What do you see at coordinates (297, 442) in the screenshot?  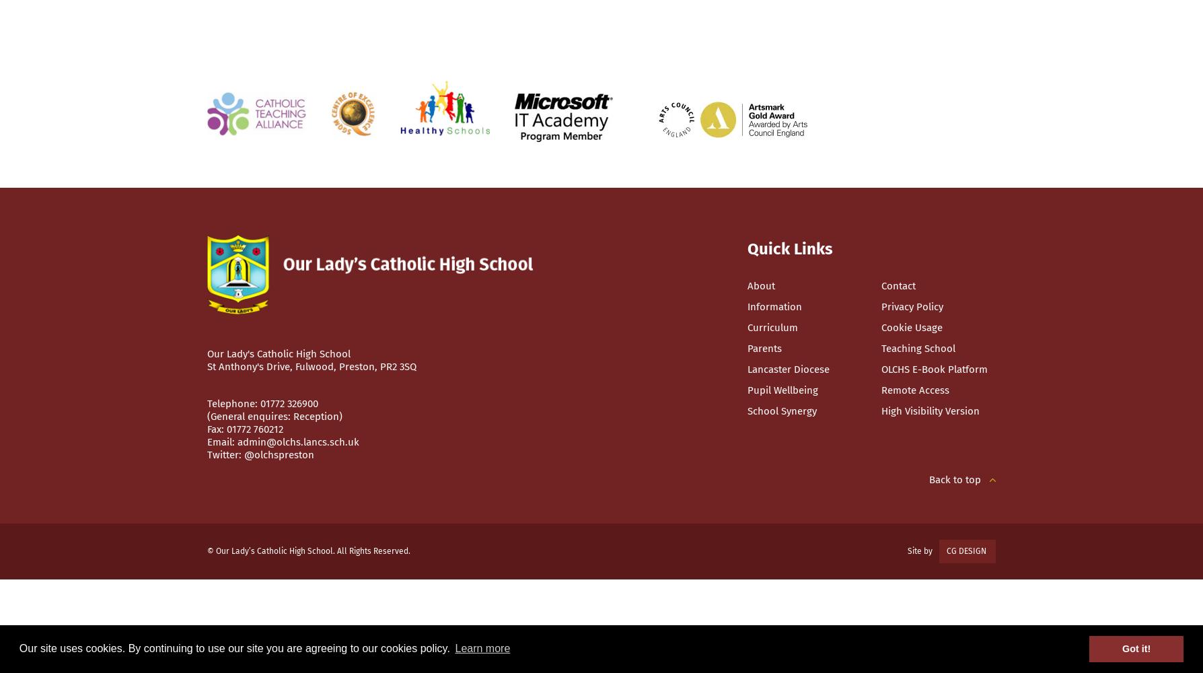 I see `'admin@olchs.lancs.sch.uk'` at bounding box center [297, 442].